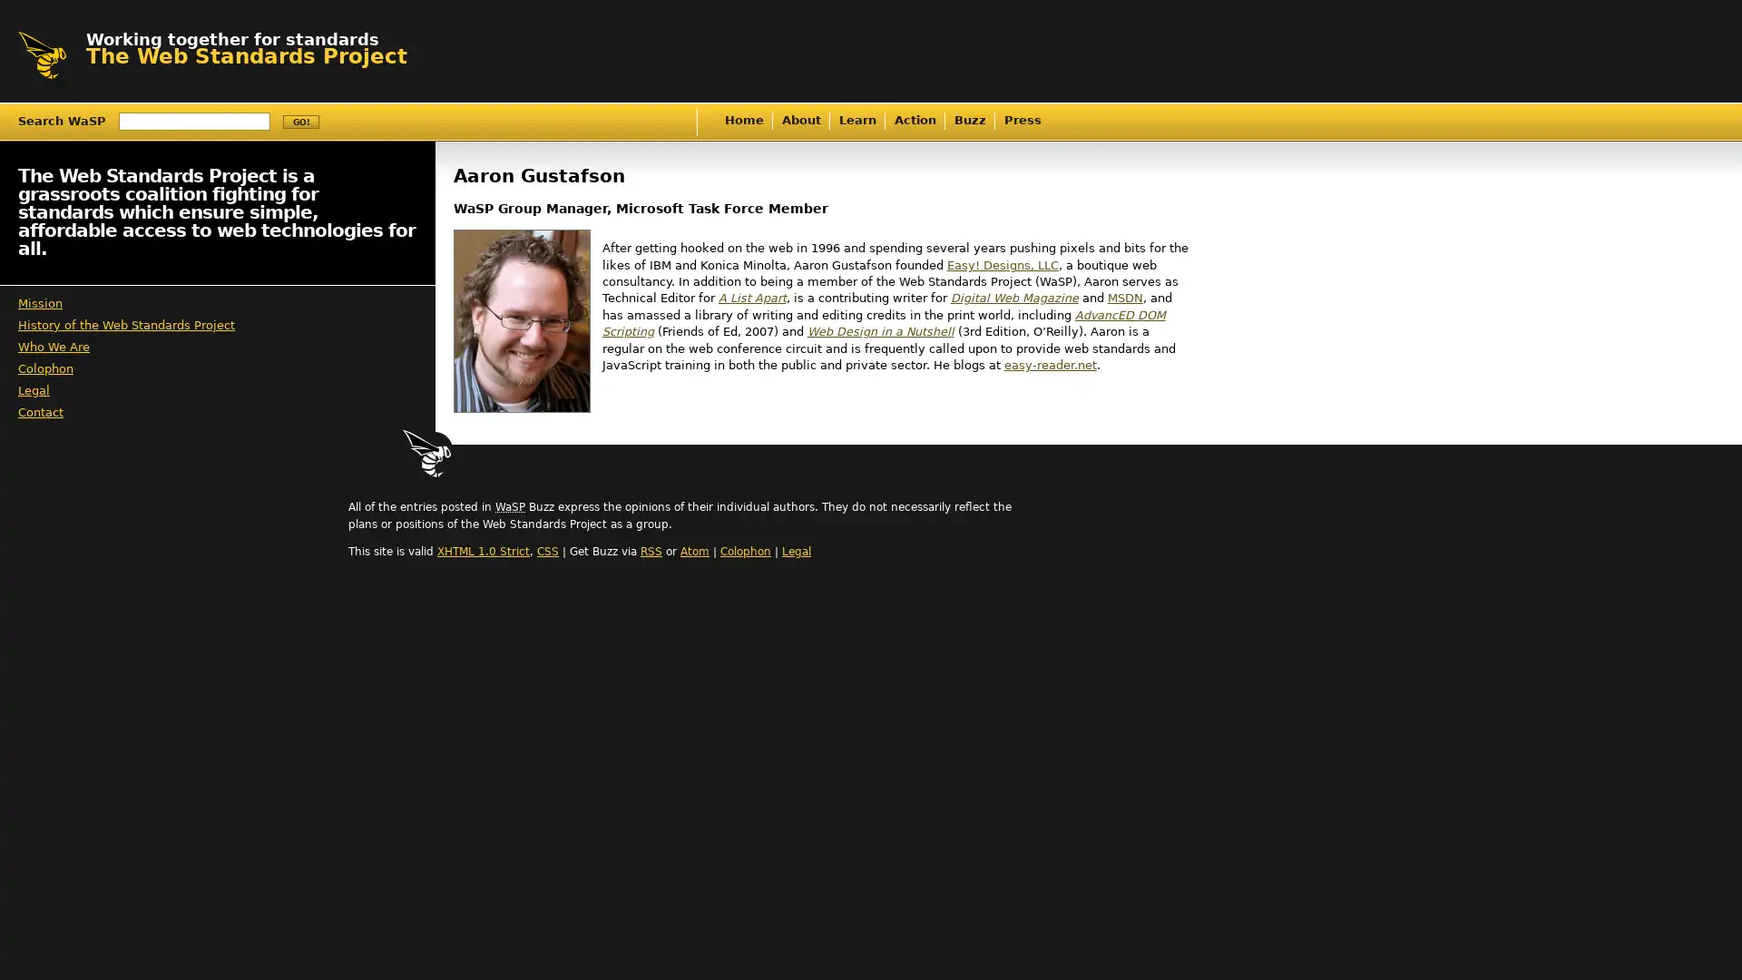 The image size is (1742, 980). Describe the element at coordinates (300, 122) in the screenshot. I see `Go!` at that location.